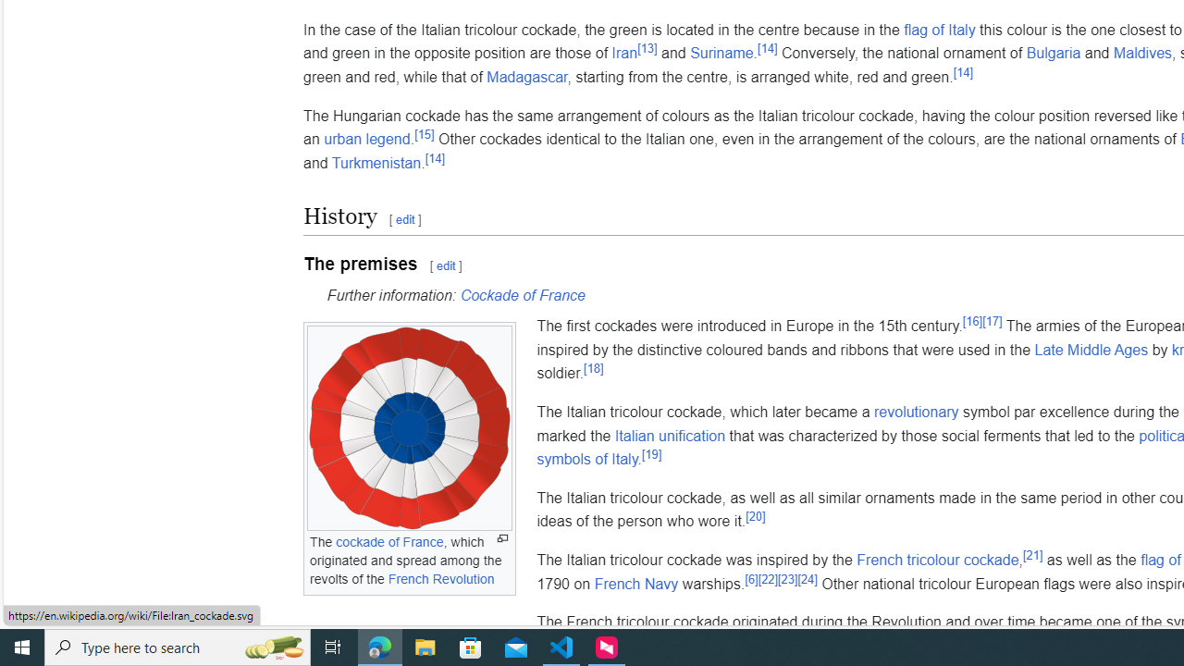 The image size is (1184, 666). Describe the element at coordinates (522, 294) in the screenshot. I see `'Cockade of France'` at that location.